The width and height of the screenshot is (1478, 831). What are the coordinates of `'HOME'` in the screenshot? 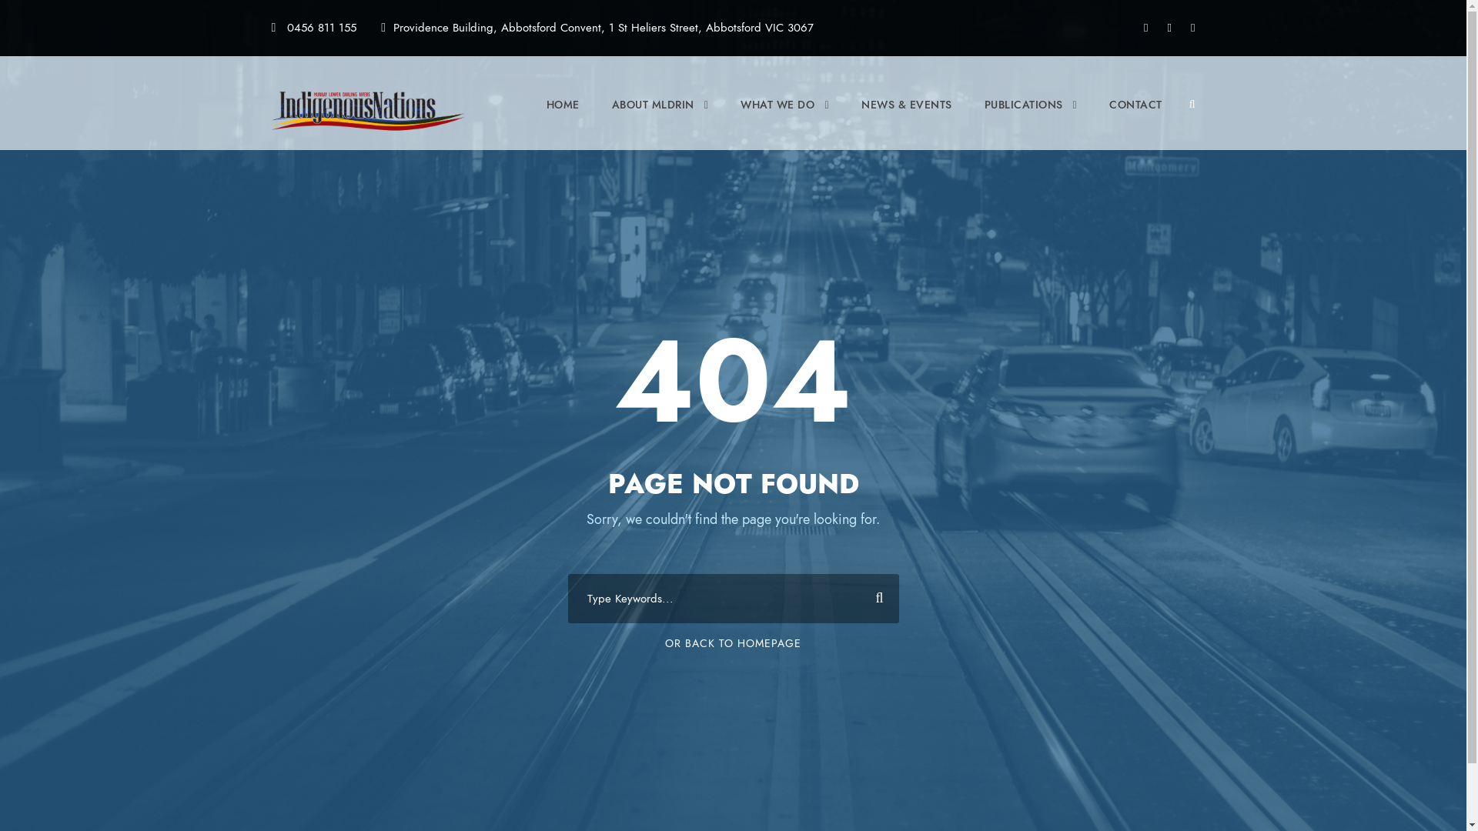 It's located at (562, 118).